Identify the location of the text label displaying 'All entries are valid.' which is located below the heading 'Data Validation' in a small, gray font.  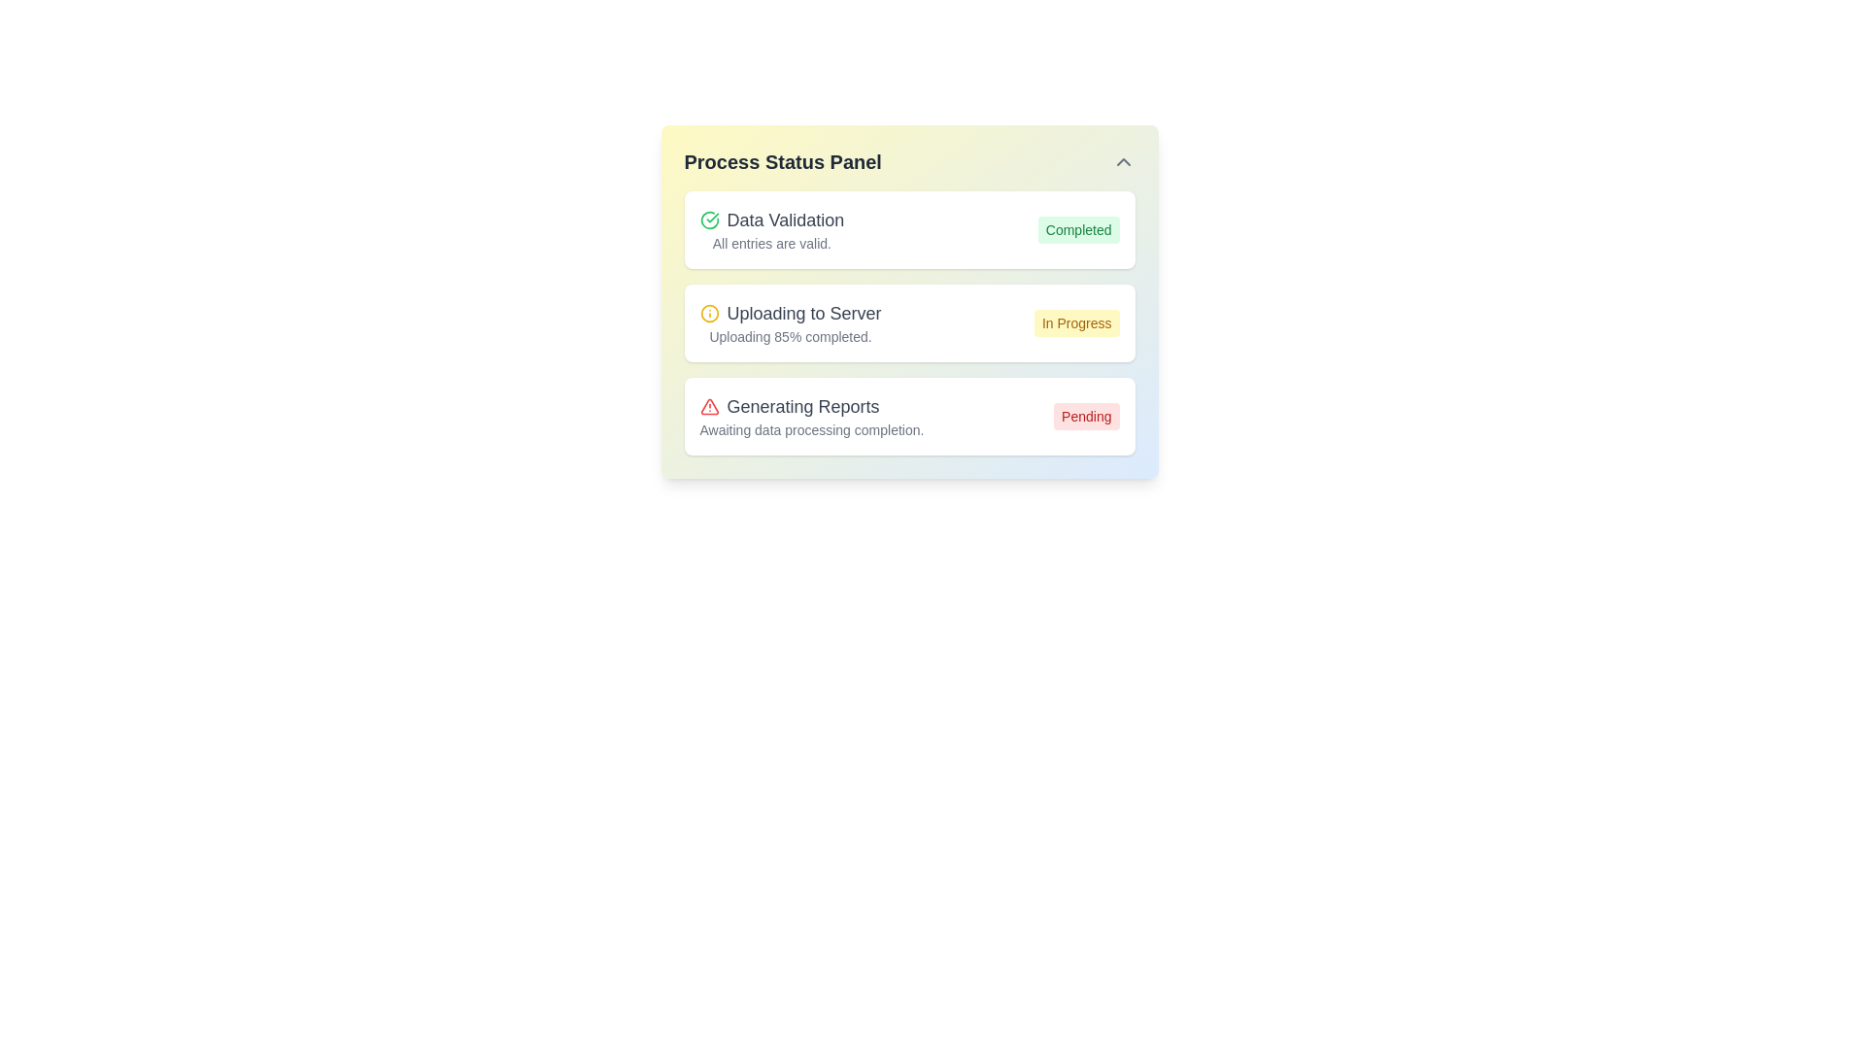
(770, 242).